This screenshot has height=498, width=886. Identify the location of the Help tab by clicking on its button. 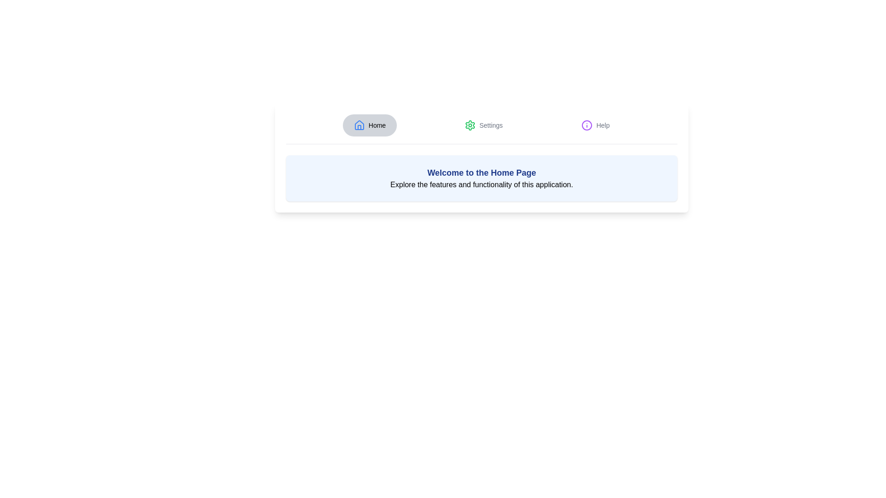
(595, 125).